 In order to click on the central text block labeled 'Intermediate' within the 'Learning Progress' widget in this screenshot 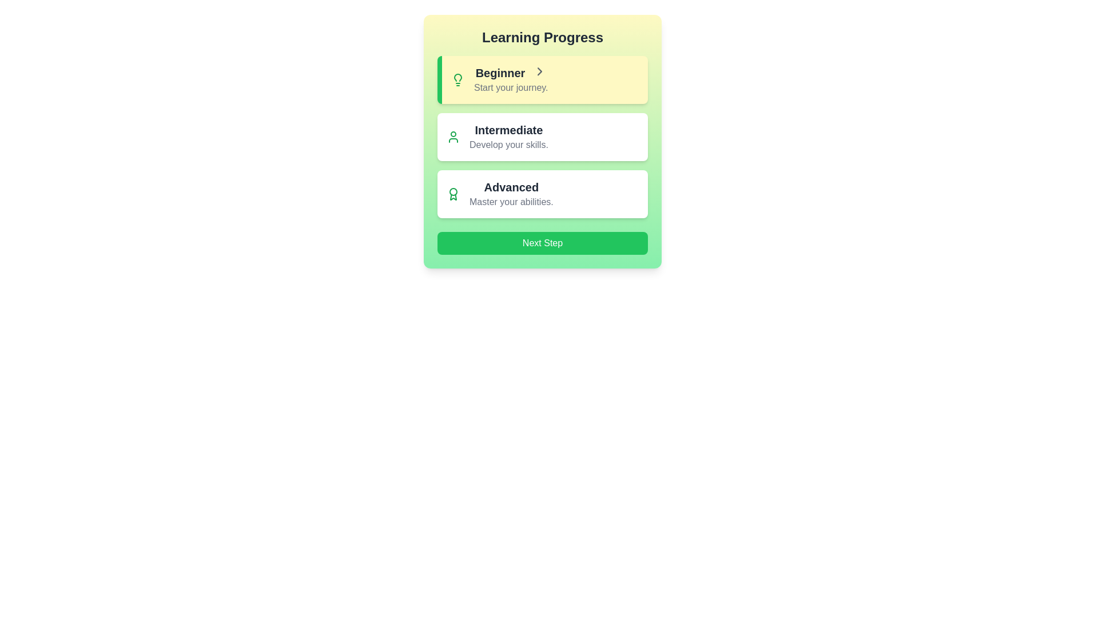, I will do `click(508, 136)`.